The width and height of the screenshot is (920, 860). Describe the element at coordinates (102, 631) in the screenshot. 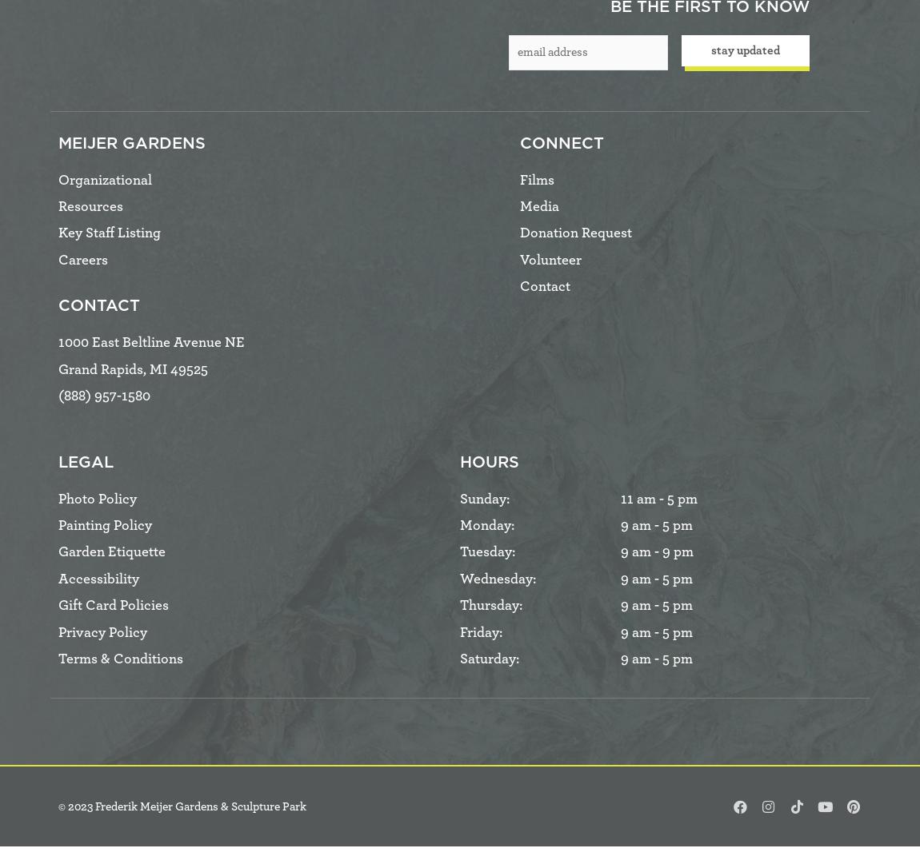

I see `'Privacy Policy'` at that location.